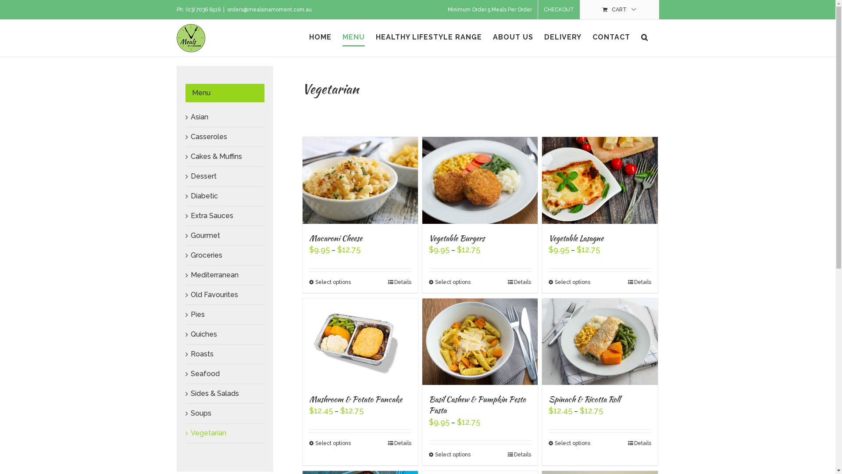 Image resolution: width=842 pixels, height=474 pixels. Describe the element at coordinates (353, 36) in the screenshot. I see `'MENU'` at that location.